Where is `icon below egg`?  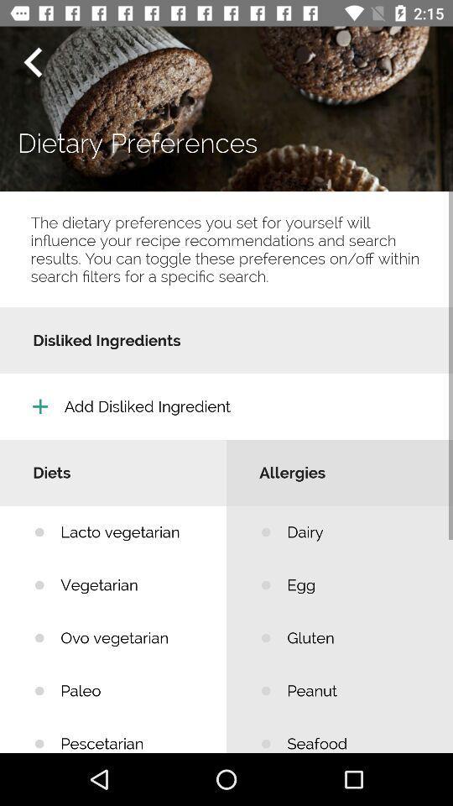 icon below egg is located at coordinates (357, 637).